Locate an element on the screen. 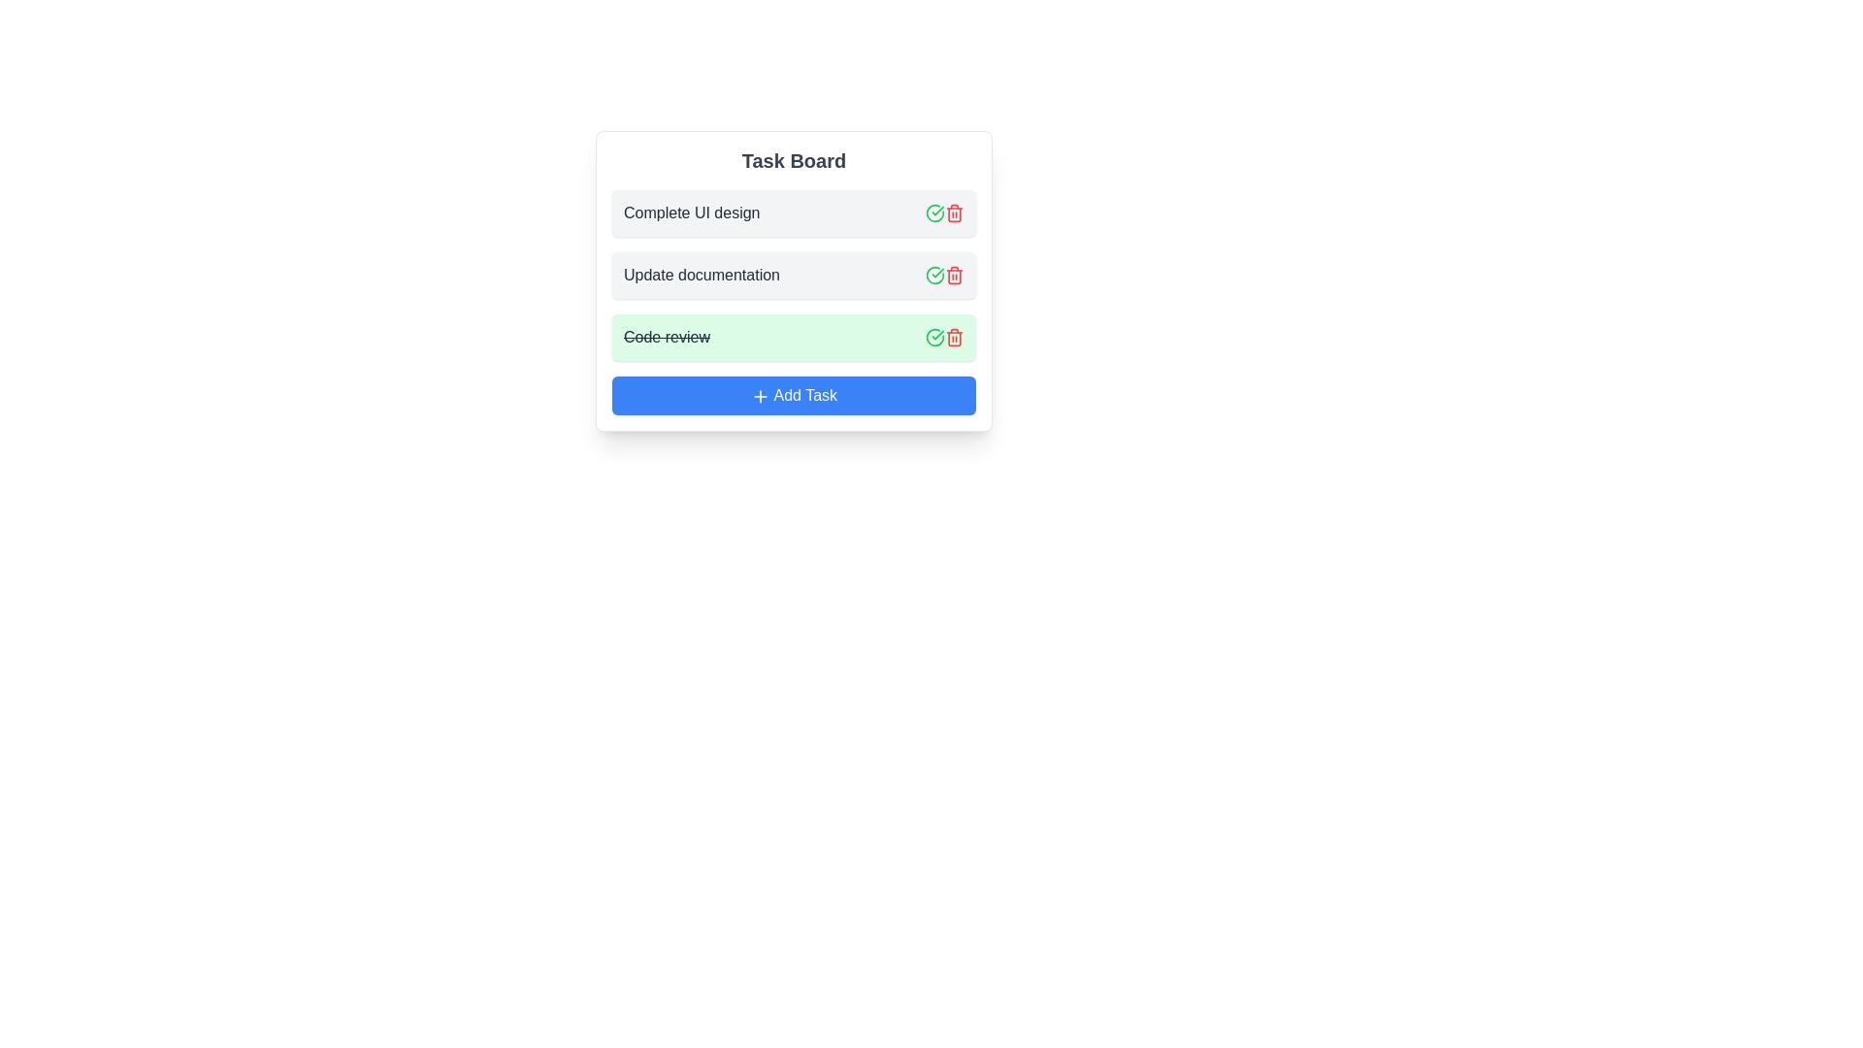  the delete button located at the far right end of the task row labeled 'Complete UI design' for visual feedback is located at coordinates (954, 213).